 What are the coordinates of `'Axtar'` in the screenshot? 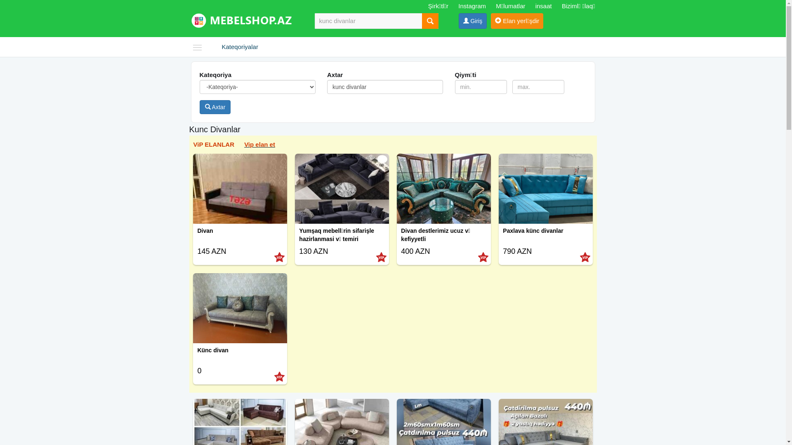 It's located at (215, 106).